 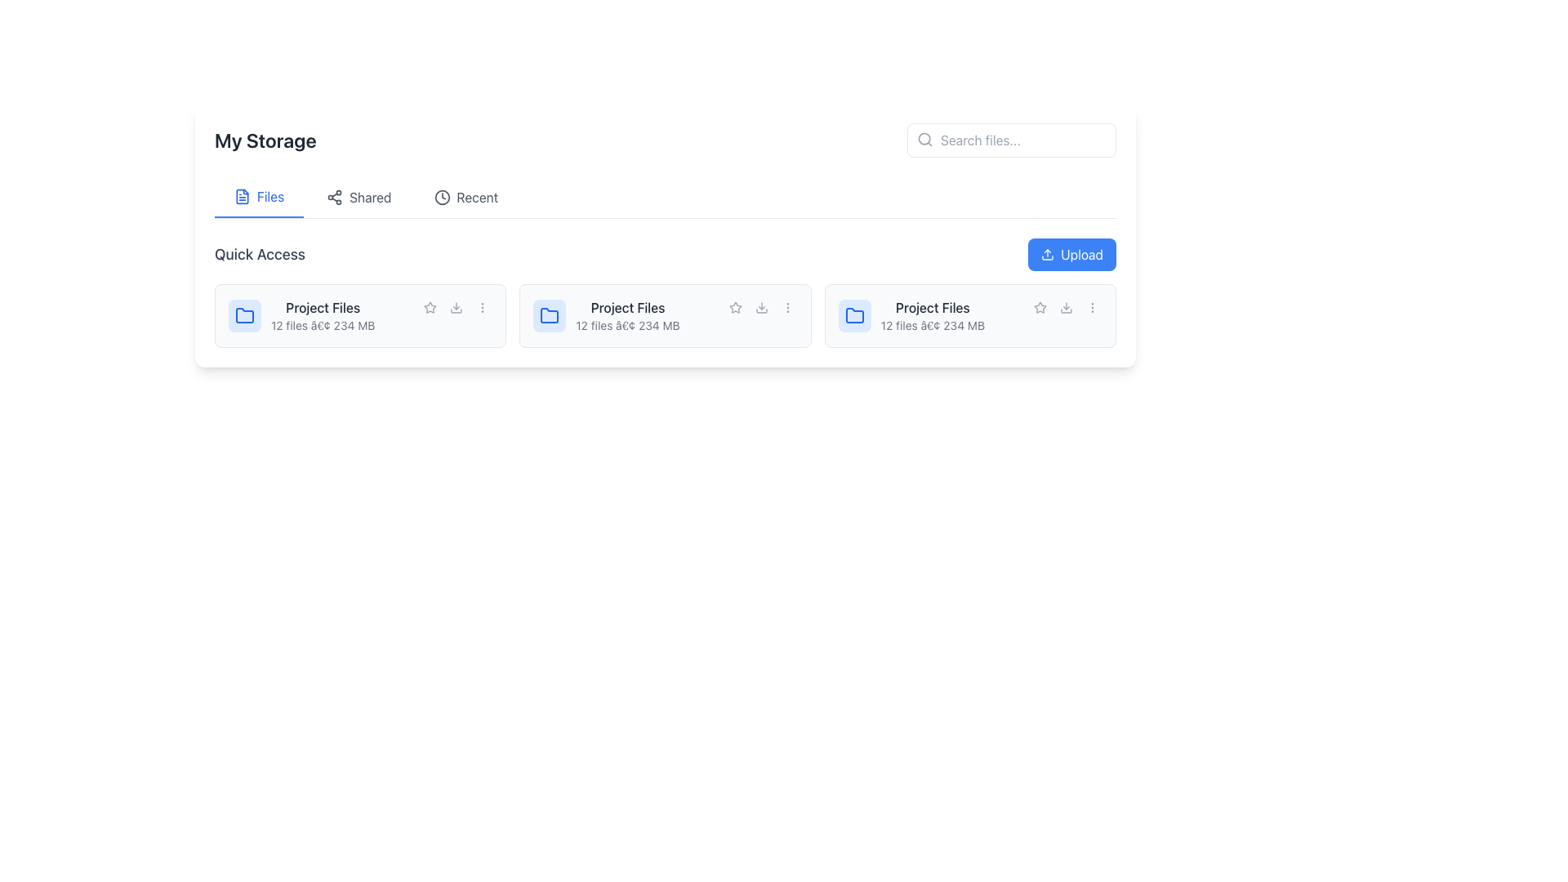 What do you see at coordinates (550, 315) in the screenshot?
I see `the folder icon (SVG) located in the second card of the 'Quick Access' section, which serves as a visual identifier for a folder or directory representation` at bounding box center [550, 315].